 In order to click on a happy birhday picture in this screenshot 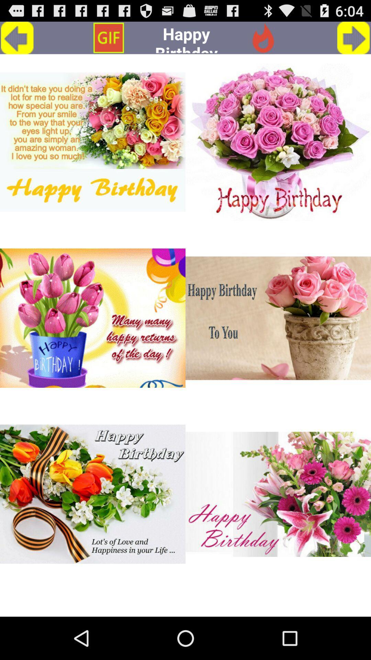, I will do `click(93, 494)`.